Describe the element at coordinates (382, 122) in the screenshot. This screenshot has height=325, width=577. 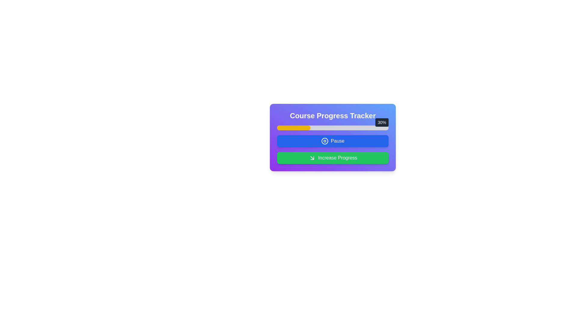
I see `the static text element that displays the percentage completion of the progress bar, located above the right end of the 'Course Progress Tracker' progress bar` at that location.